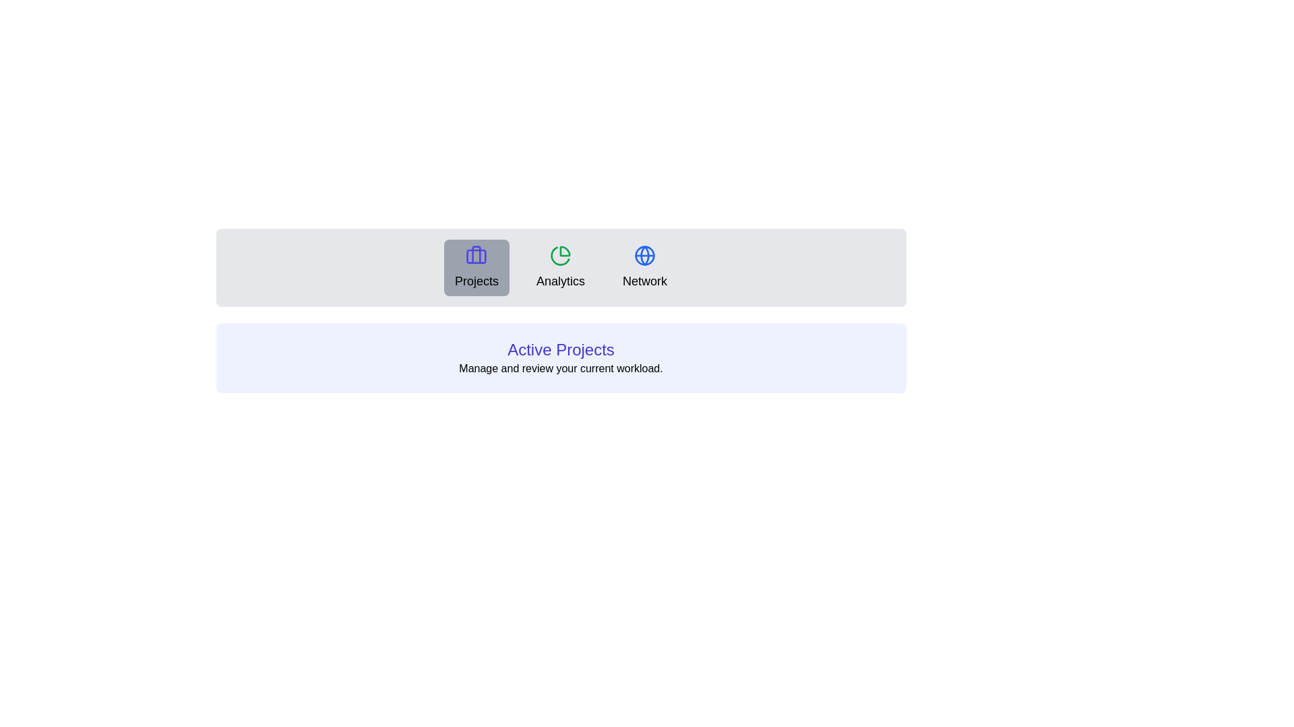 This screenshot has height=727, width=1294. What do you see at coordinates (476, 267) in the screenshot?
I see `the Projects tab by clicking on its button` at bounding box center [476, 267].